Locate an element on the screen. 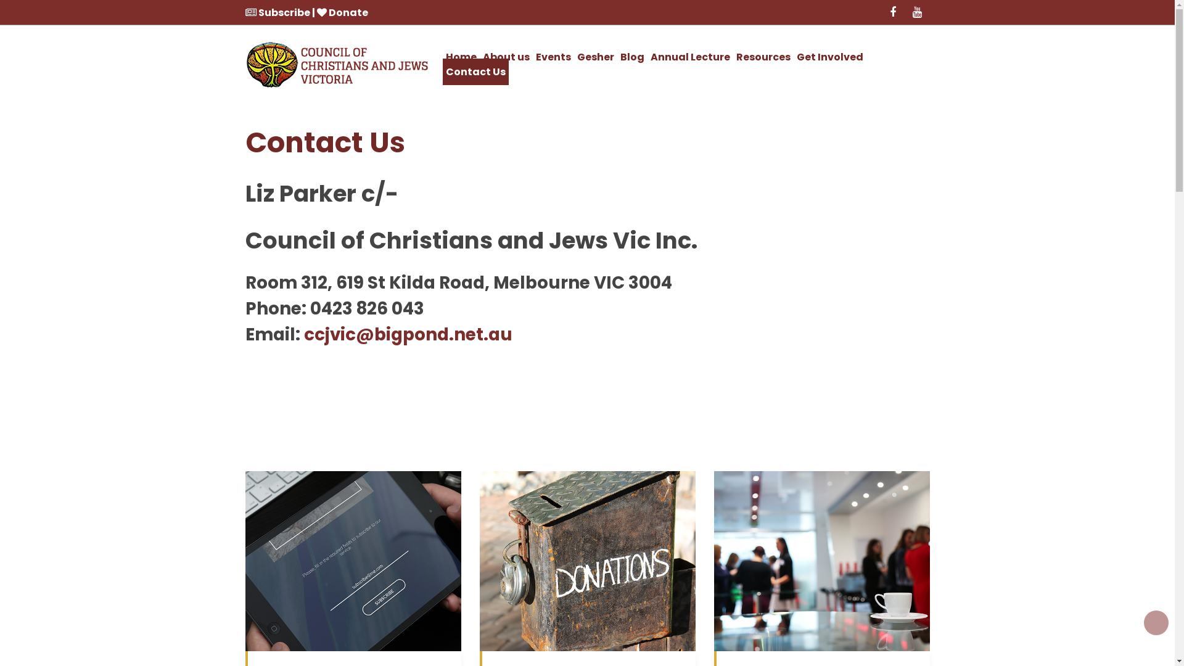 The image size is (1184, 666). 'Events' is located at coordinates (553, 57).